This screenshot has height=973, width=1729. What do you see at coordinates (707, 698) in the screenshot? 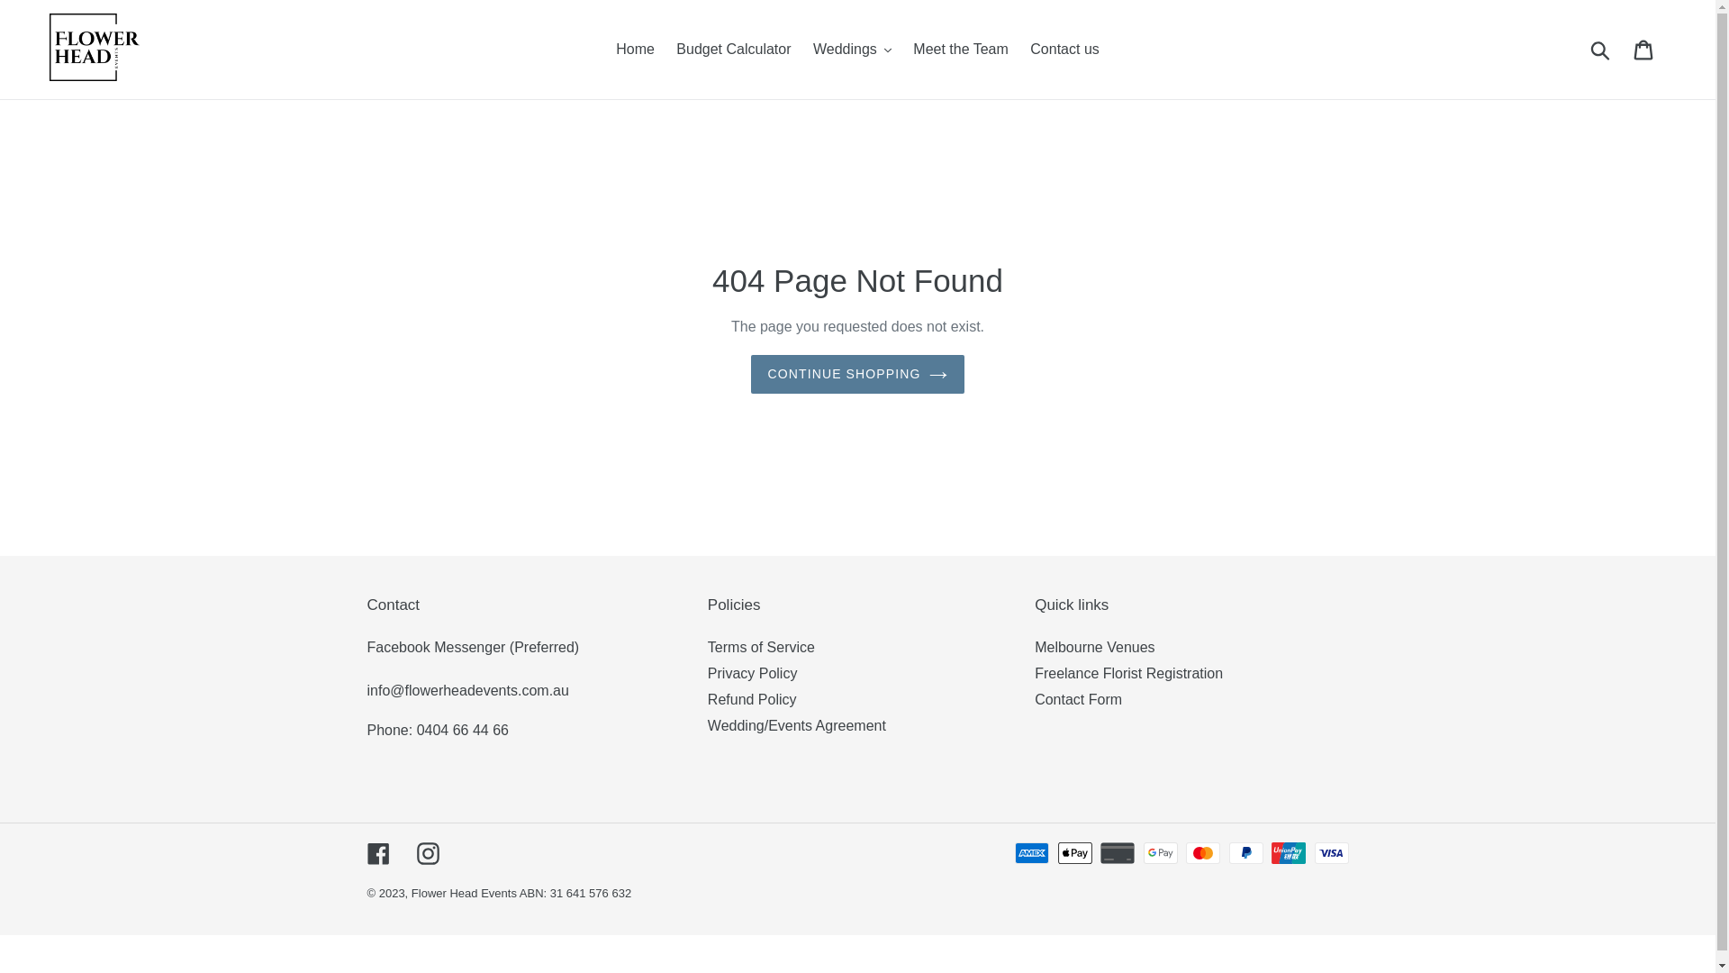
I see `'Refund Policy'` at bounding box center [707, 698].